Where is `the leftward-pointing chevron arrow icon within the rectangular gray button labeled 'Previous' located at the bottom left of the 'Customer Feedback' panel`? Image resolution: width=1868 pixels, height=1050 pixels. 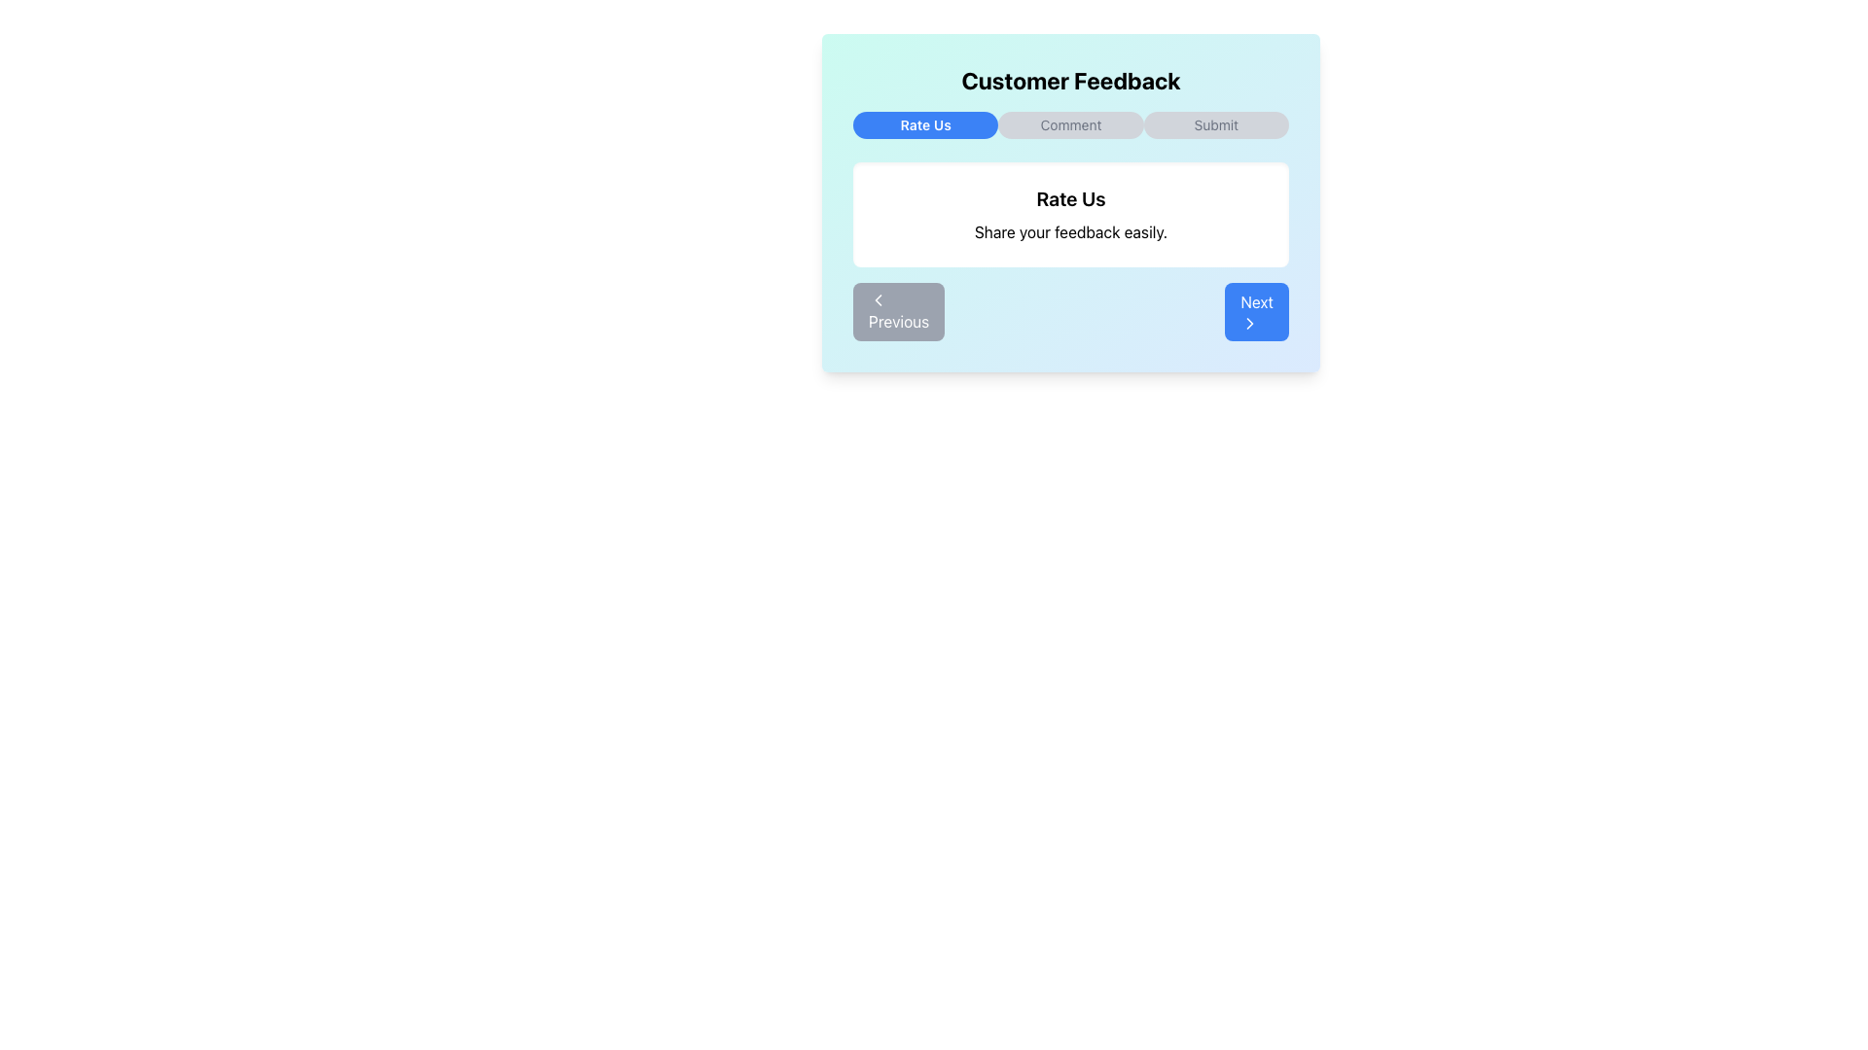
the leftward-pointing chevron arrow icon within the rectangular gray button labeled 'Previous' located at the bottom left of the 'Customer Feedback' panel is located at coordinates (877, 299).